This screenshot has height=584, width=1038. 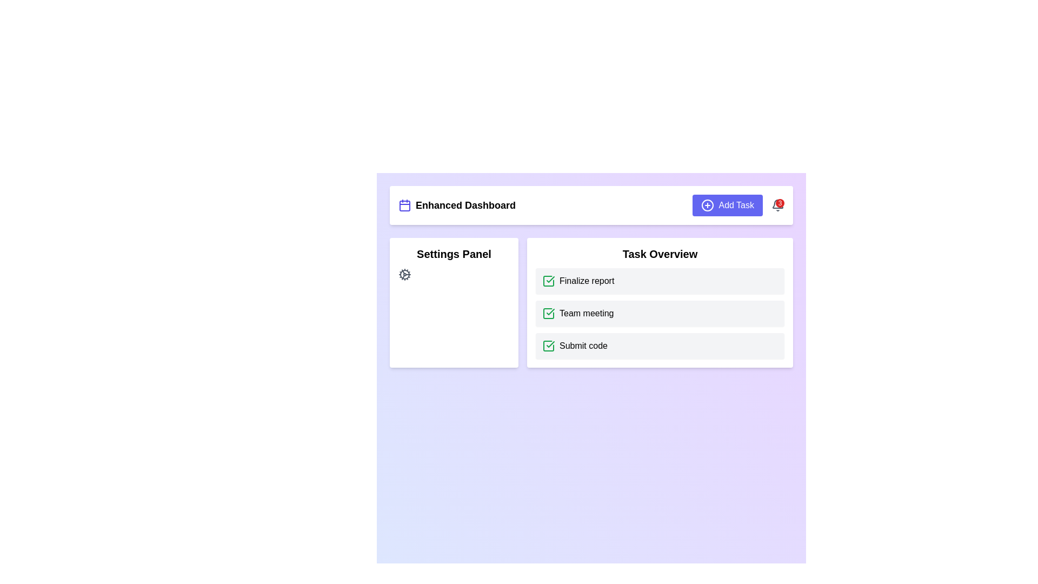 What do you see at coordinates (728, 205) in the screenshot?
I see `the 'Add Task' button located in the top-right section of the layout to observe tooltips or styling changes` at bounding box center [728, 205].